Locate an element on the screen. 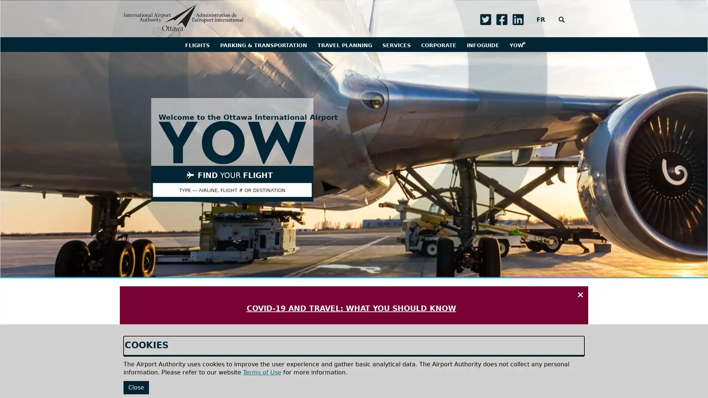 The image size is (708, 398). Show Travel Planning Sub Menu is located at coordinates (344, 44).